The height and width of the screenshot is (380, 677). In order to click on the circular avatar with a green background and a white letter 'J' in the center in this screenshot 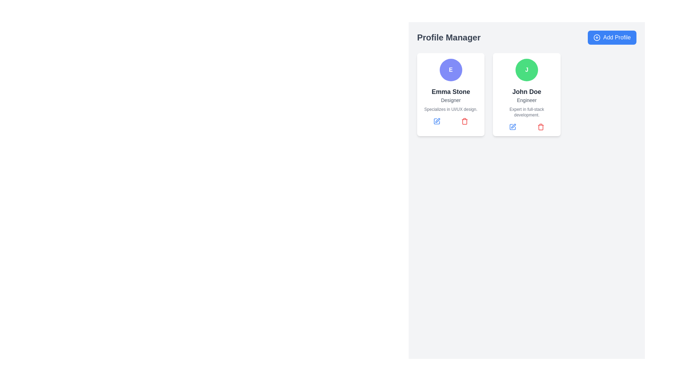, I will do `click(526, 70)`.